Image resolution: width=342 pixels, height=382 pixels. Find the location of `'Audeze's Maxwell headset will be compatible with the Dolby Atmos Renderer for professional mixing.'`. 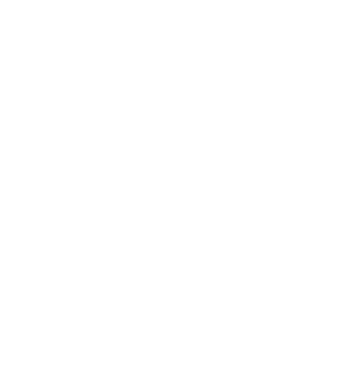

'Audeze's Maxwell headset will be compatible with the Dolby Atmos Renderer for professional mixing.' is located at coordinates (147, 319).